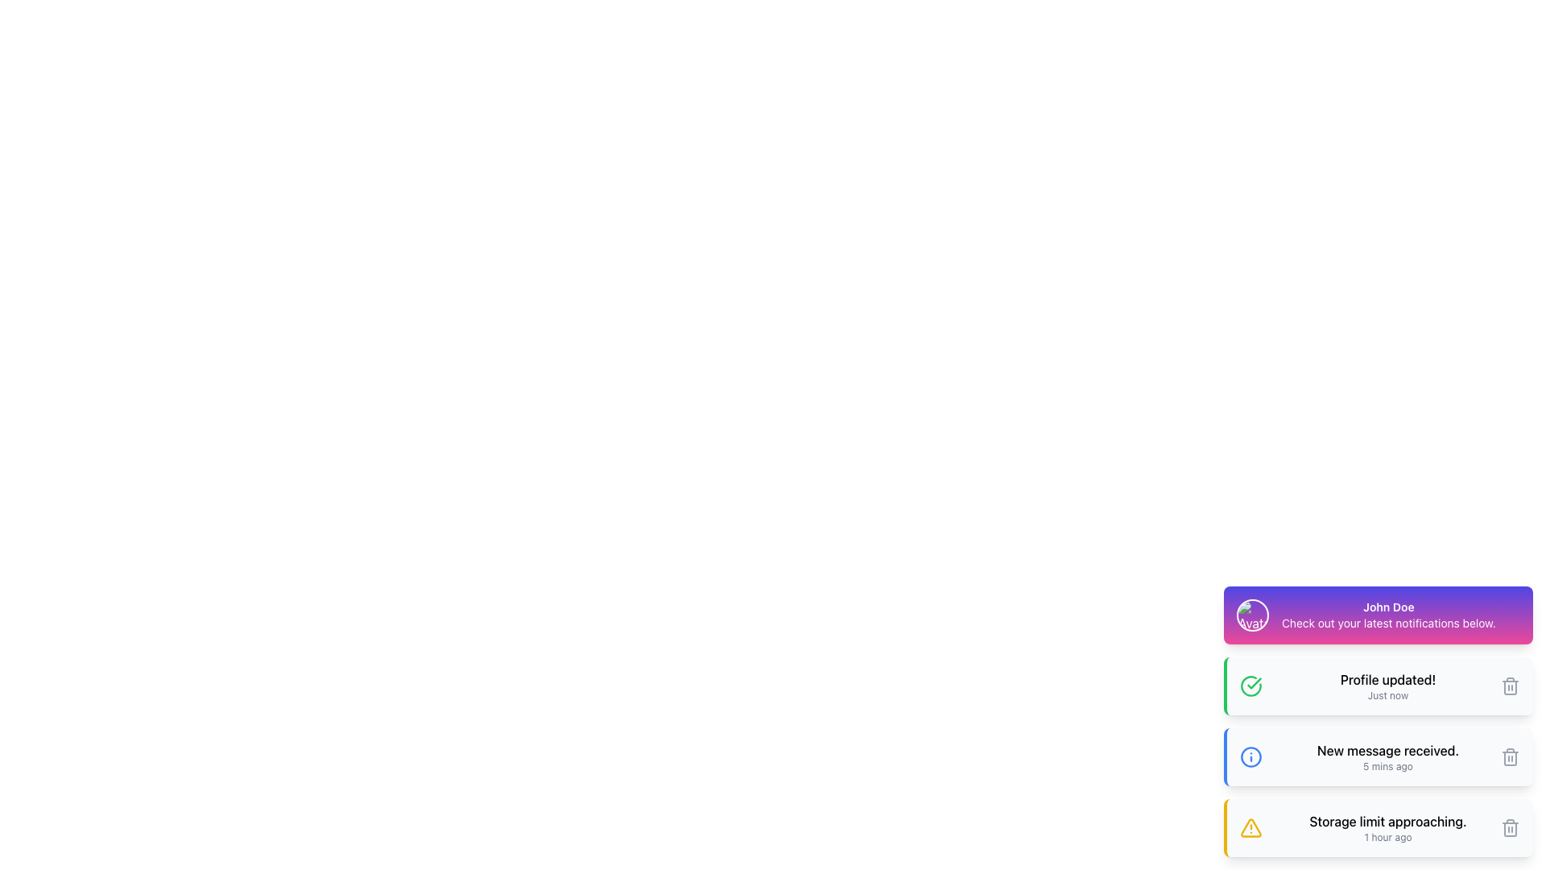 The height and width of the screenshot is (870, 1546). Describe the element at coordinates (1387, 695) in the screenshot. I see `text content of the small gray label displaying 'Just now', positioned below the bold notification title 'Profile updated!'` at that location.